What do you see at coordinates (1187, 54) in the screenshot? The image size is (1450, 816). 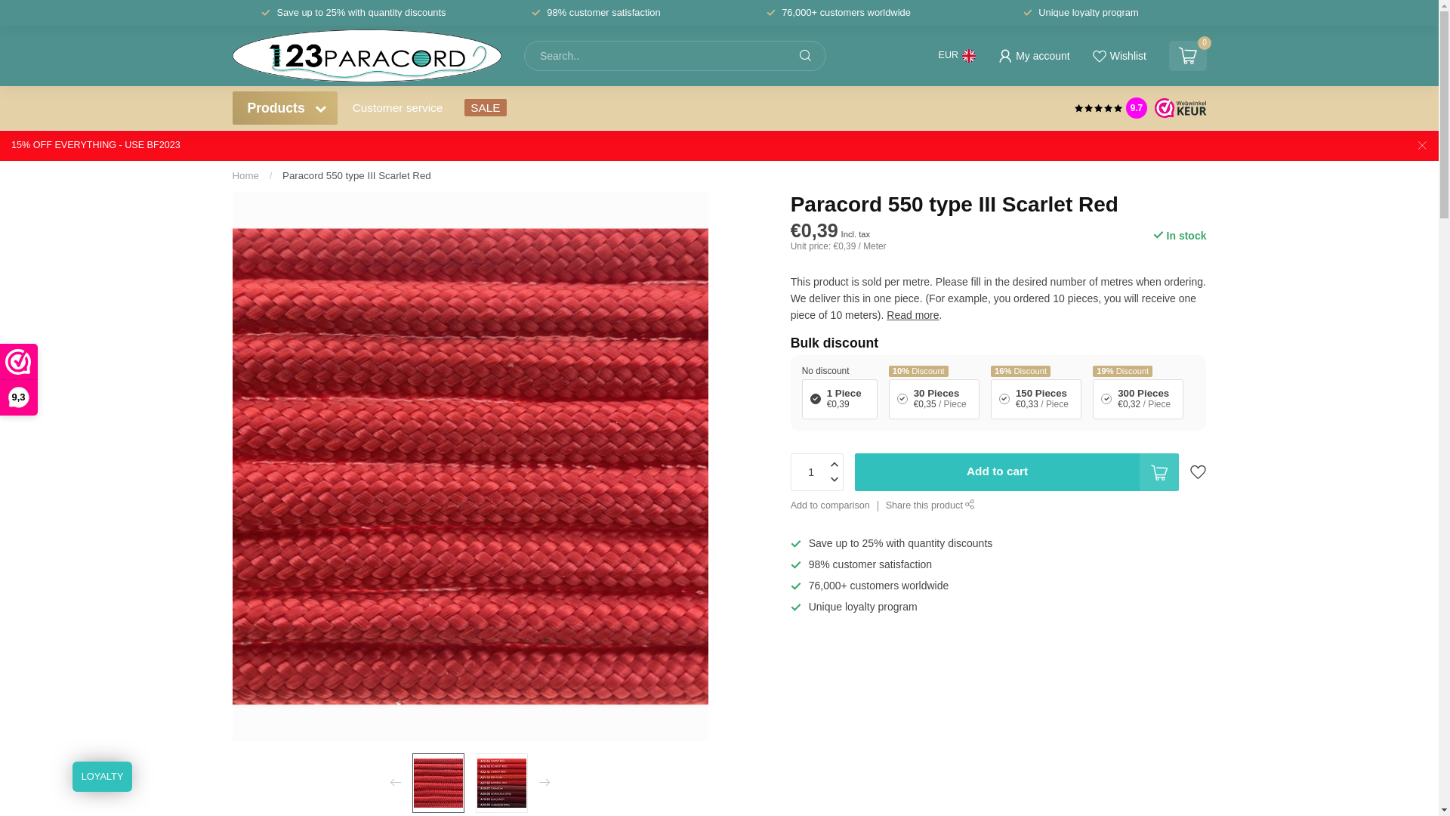 I see `'0'` at bounding box center [1187, 54].